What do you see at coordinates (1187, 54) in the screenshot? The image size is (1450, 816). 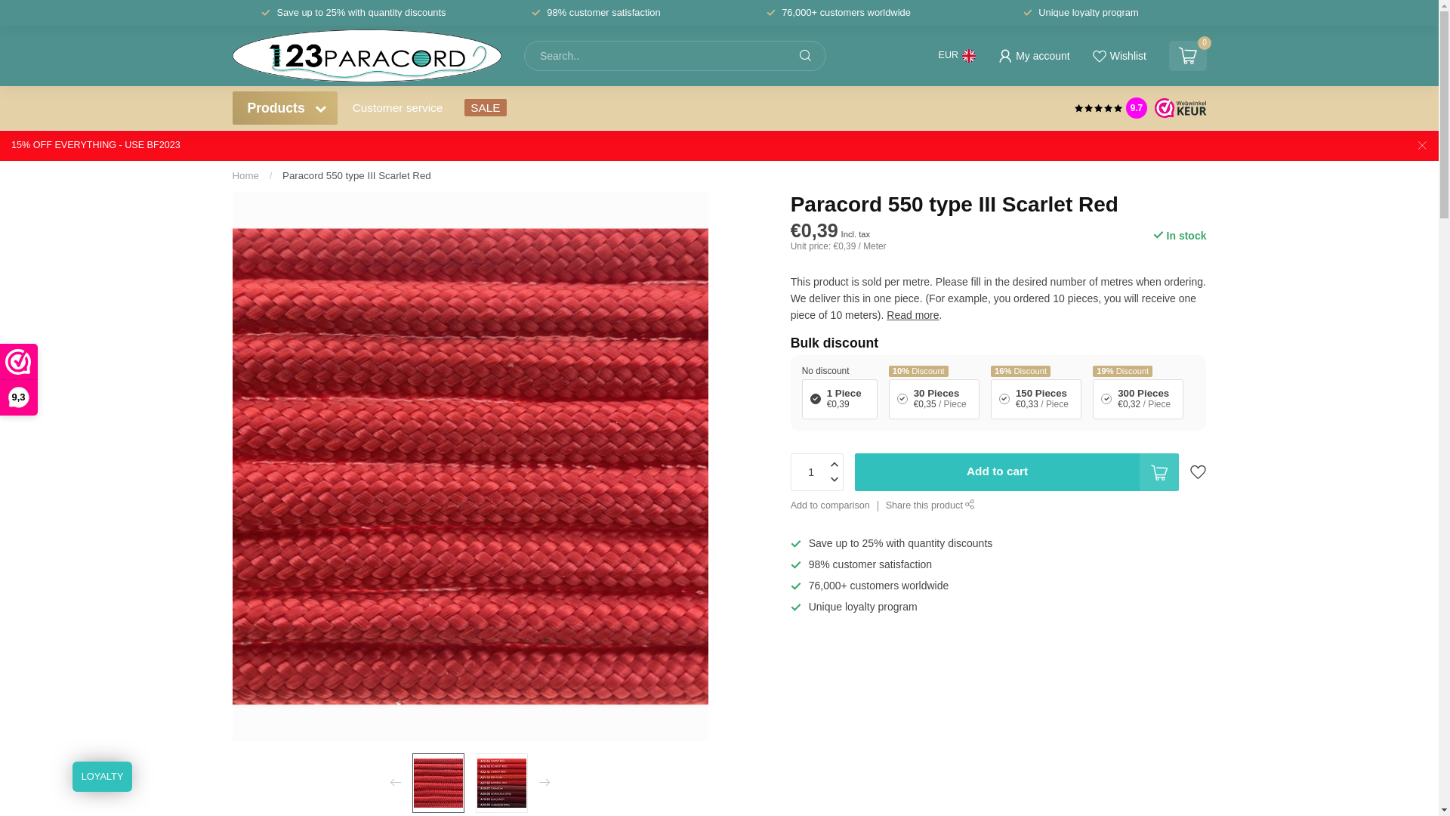 I see `'0'` at bounding box center [1187, 54].